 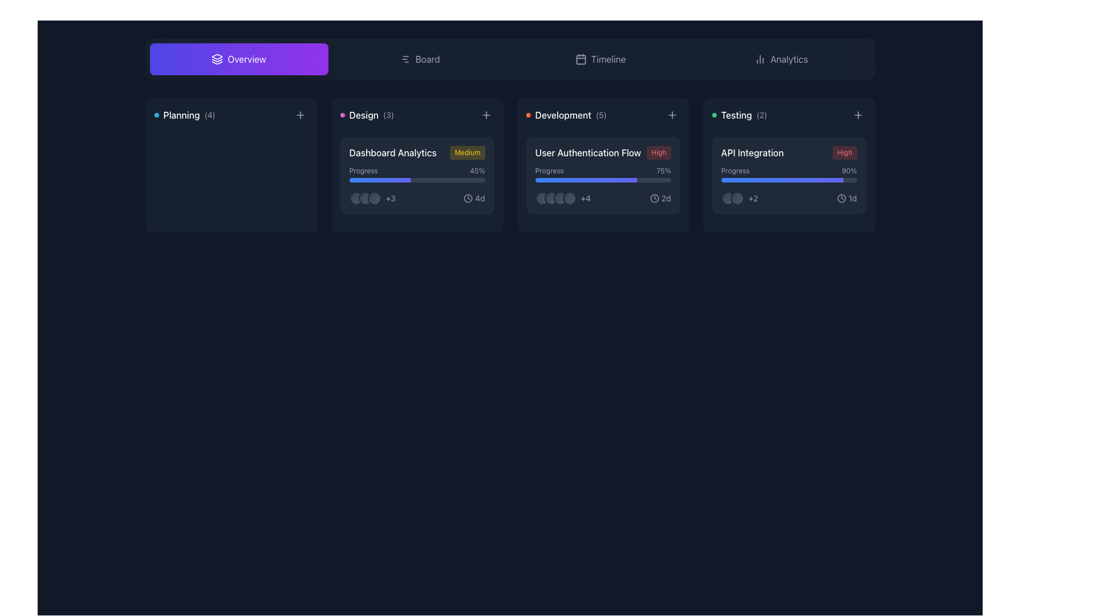 What do you see at coordinates (549, 171) in the screenshot?
I see `'Progress' label element located in the 'Development' card, below the title 'User Authentication Flow', to the left of the progress value '75%'` at bounding box center [549, 171].